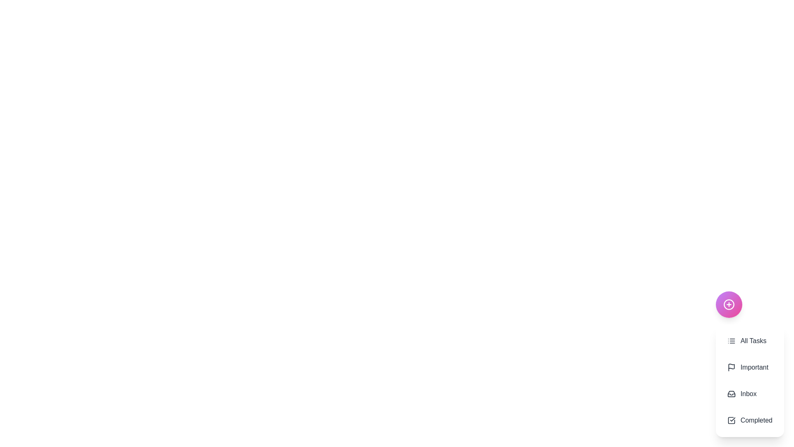  Describe the element at coordinates (729, 305) in the screenshot. I see `the floating action button to toggle the visibility of the action menu` at that location.